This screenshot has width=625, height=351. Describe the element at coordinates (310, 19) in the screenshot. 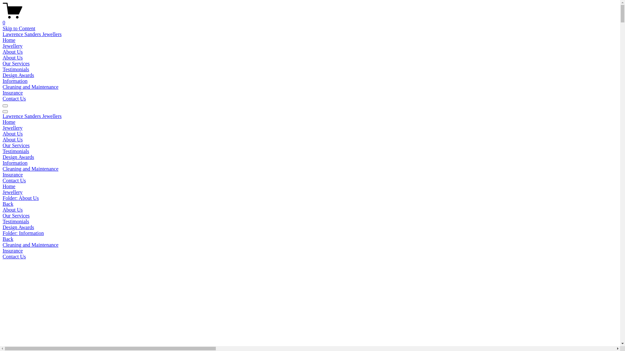

I see `'0'` at that location.